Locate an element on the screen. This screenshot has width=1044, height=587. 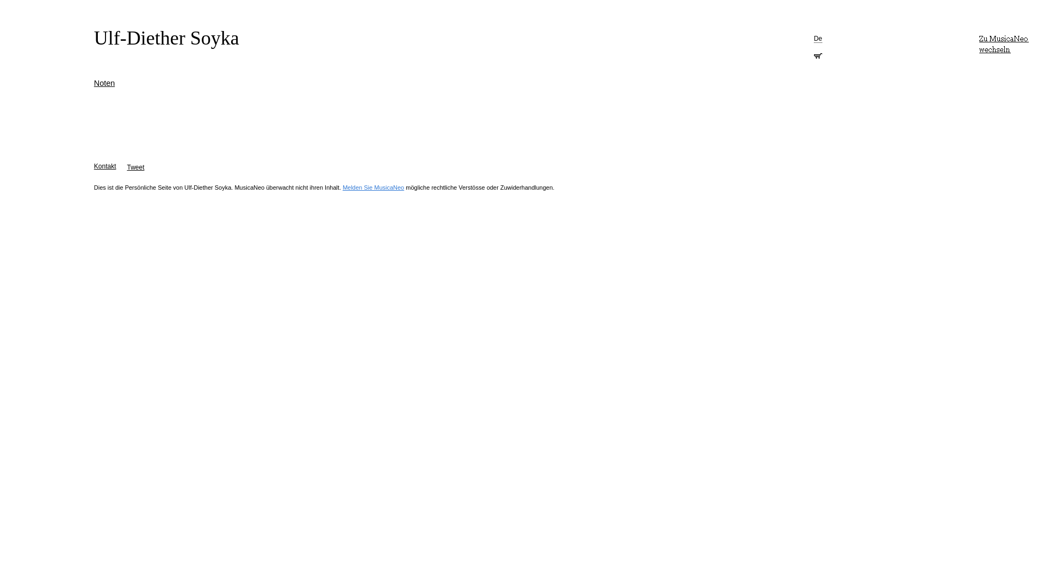
'Einkaufskorb' is located at coordinates (817, 54).